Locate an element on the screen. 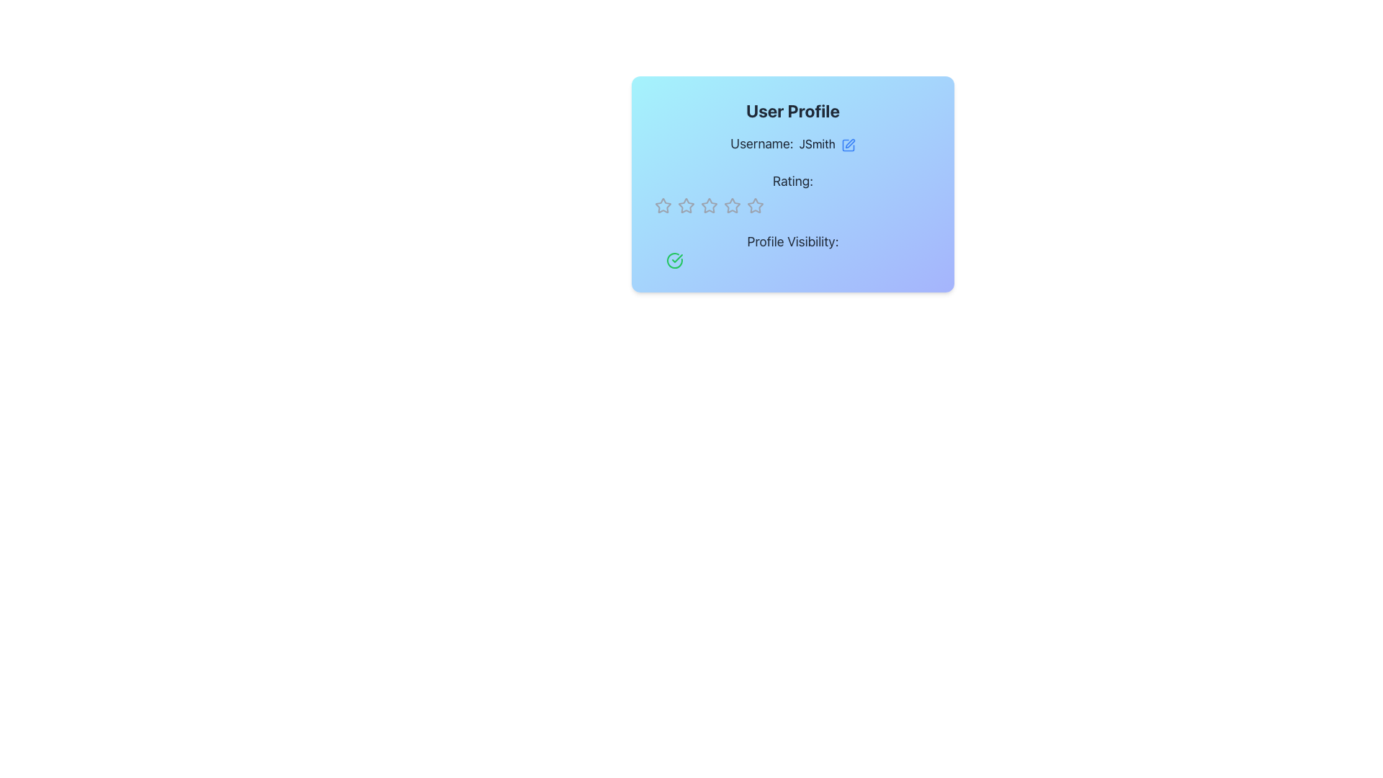  the 24x24 pixel circular icon with a green border and a checkmark inside, located to the left of the 'Profile Visibility:' label and slightly below the last text in the interface is located at coordinates (673, 261).